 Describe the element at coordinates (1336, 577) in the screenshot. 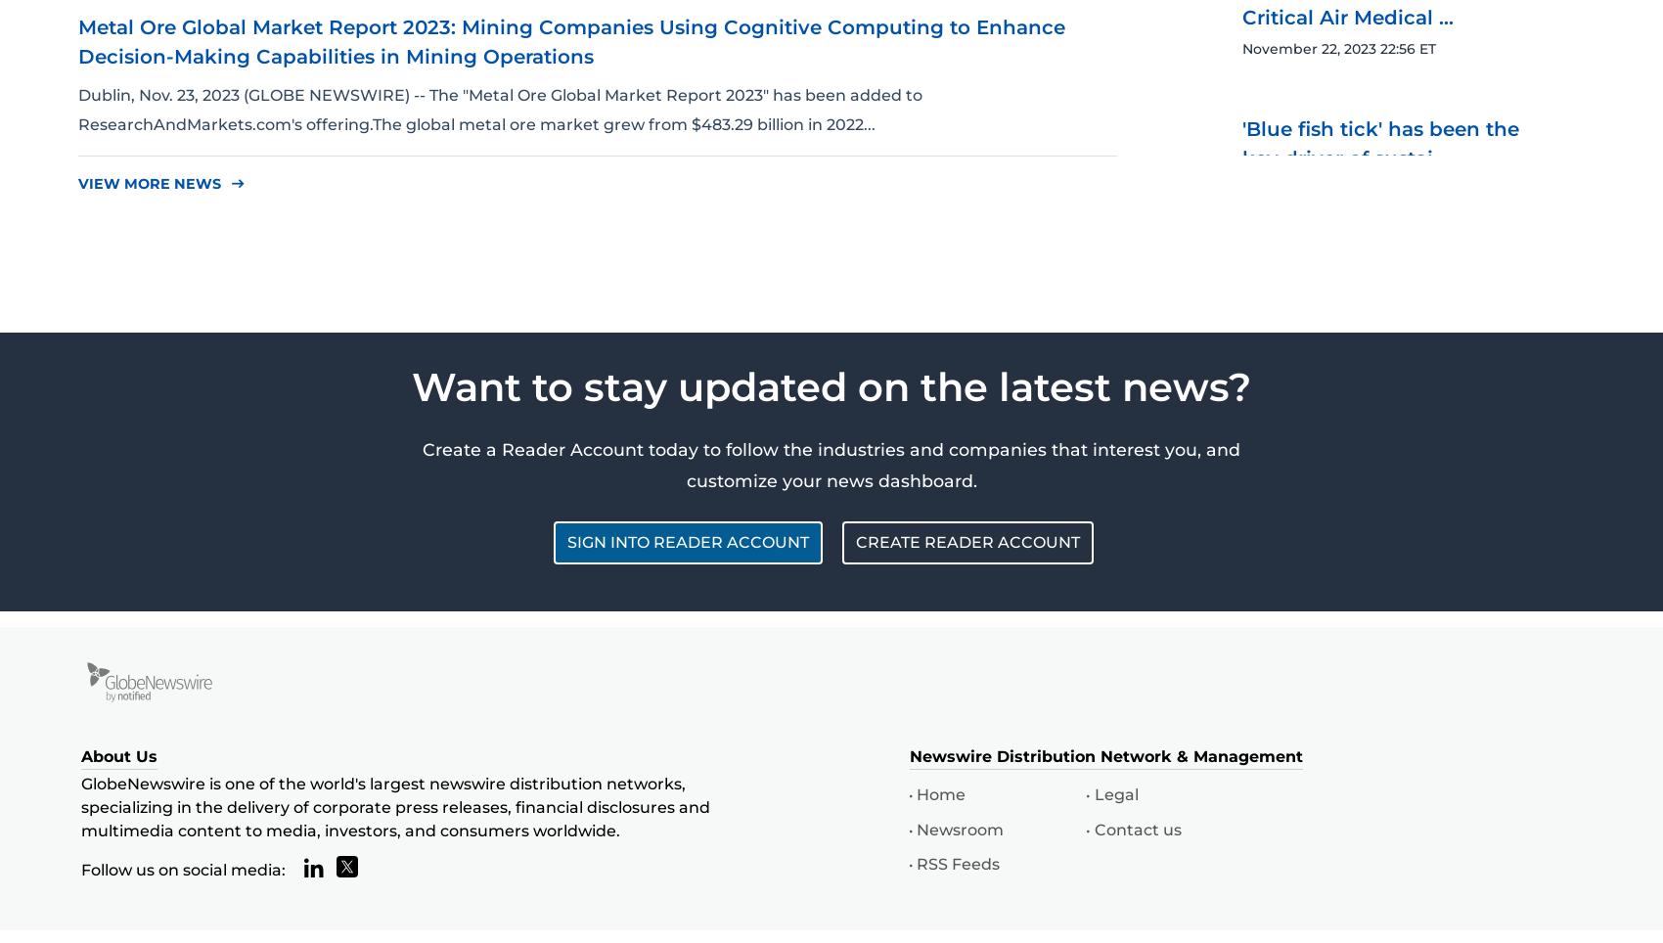

I see `'November 22, 2023 19:16 ET'` at that location.